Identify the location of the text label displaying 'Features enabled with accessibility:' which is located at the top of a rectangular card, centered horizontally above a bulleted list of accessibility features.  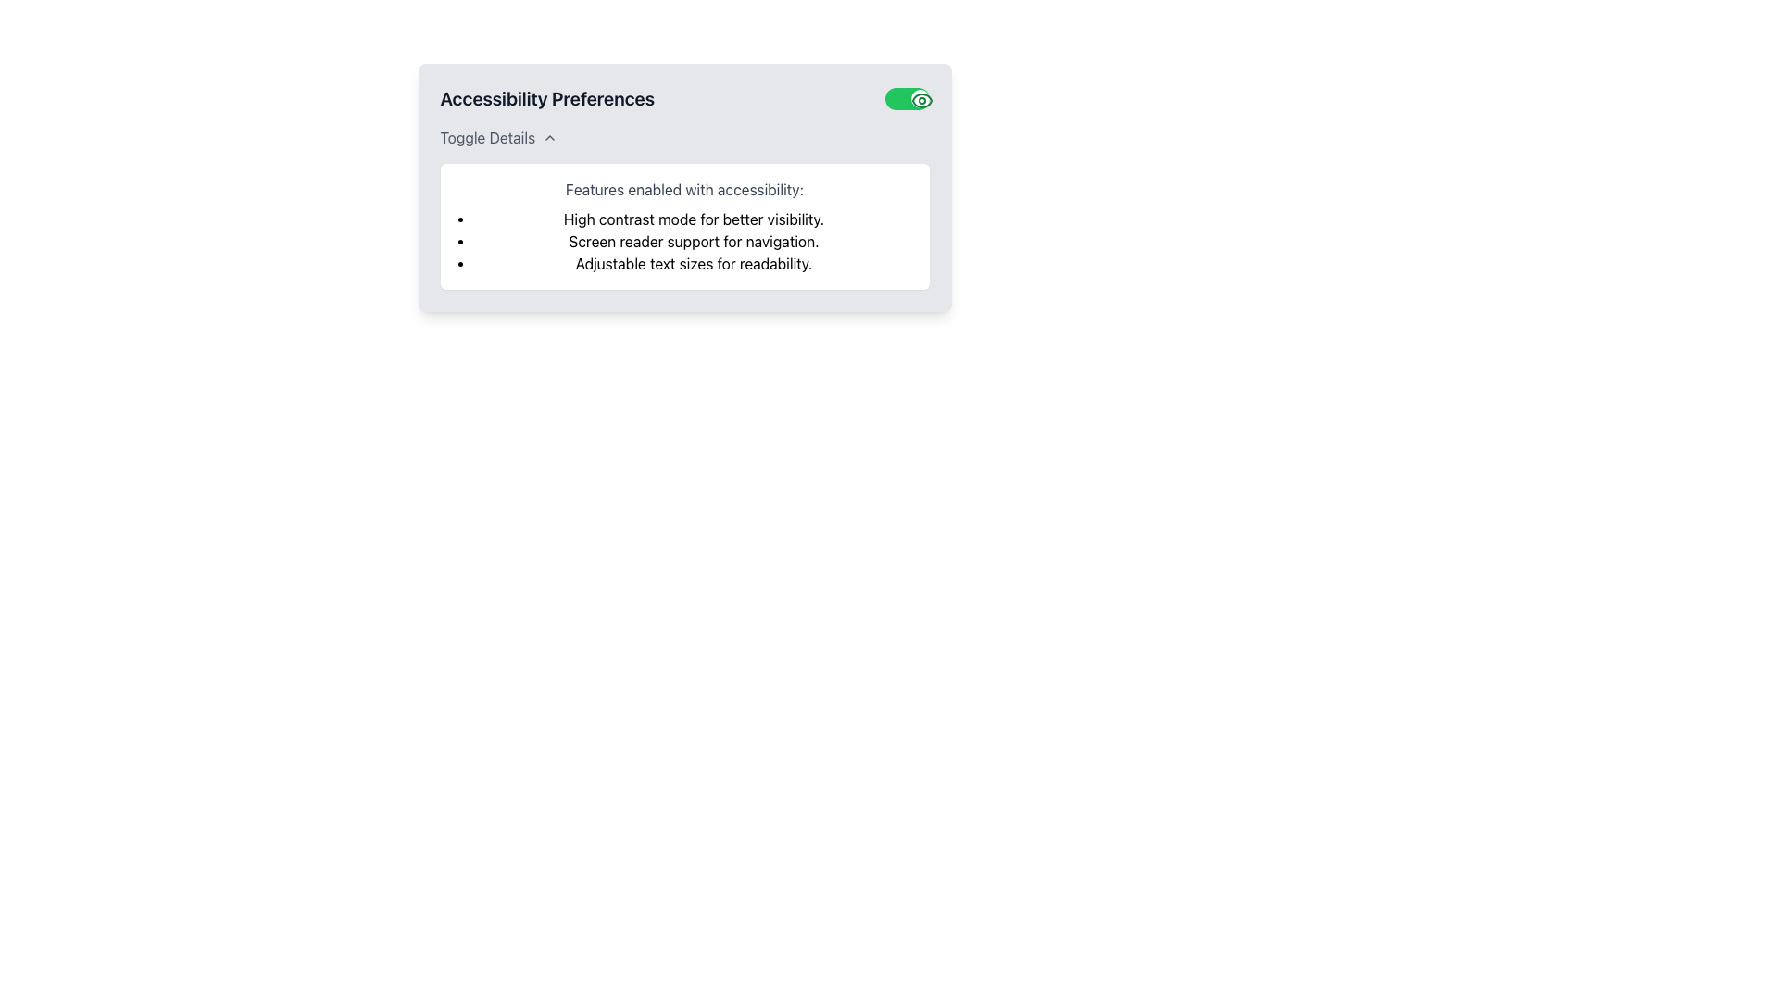
(683, 189).